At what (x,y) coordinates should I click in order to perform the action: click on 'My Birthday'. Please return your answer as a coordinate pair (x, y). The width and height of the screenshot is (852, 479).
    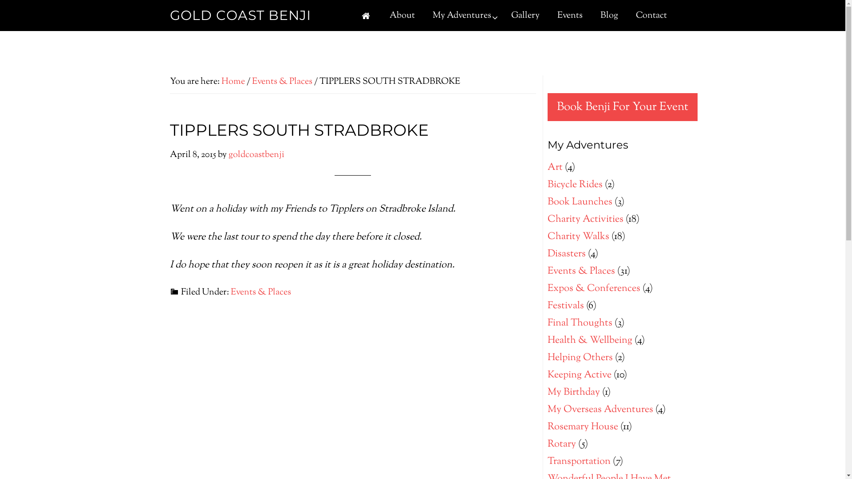
    Looking at the image, I should click on (573, 392).